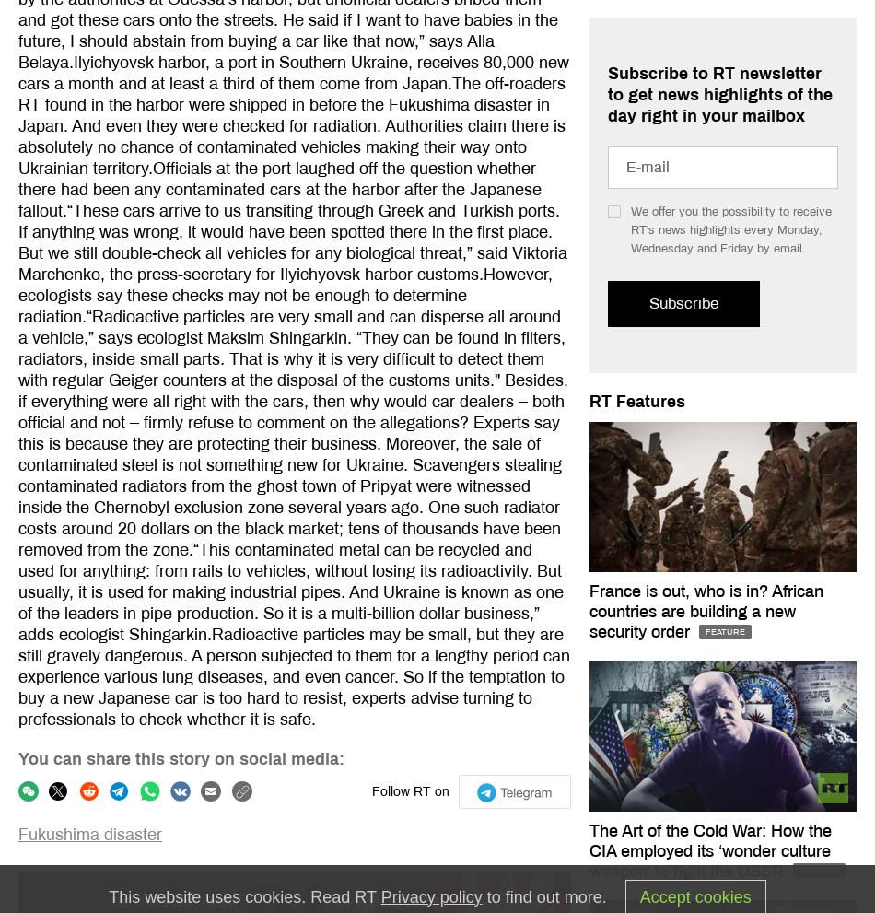  What do you see at coordinates (636, 402) in the screenshot?
I see `'RT Features'` at bounding box center [636, 402].